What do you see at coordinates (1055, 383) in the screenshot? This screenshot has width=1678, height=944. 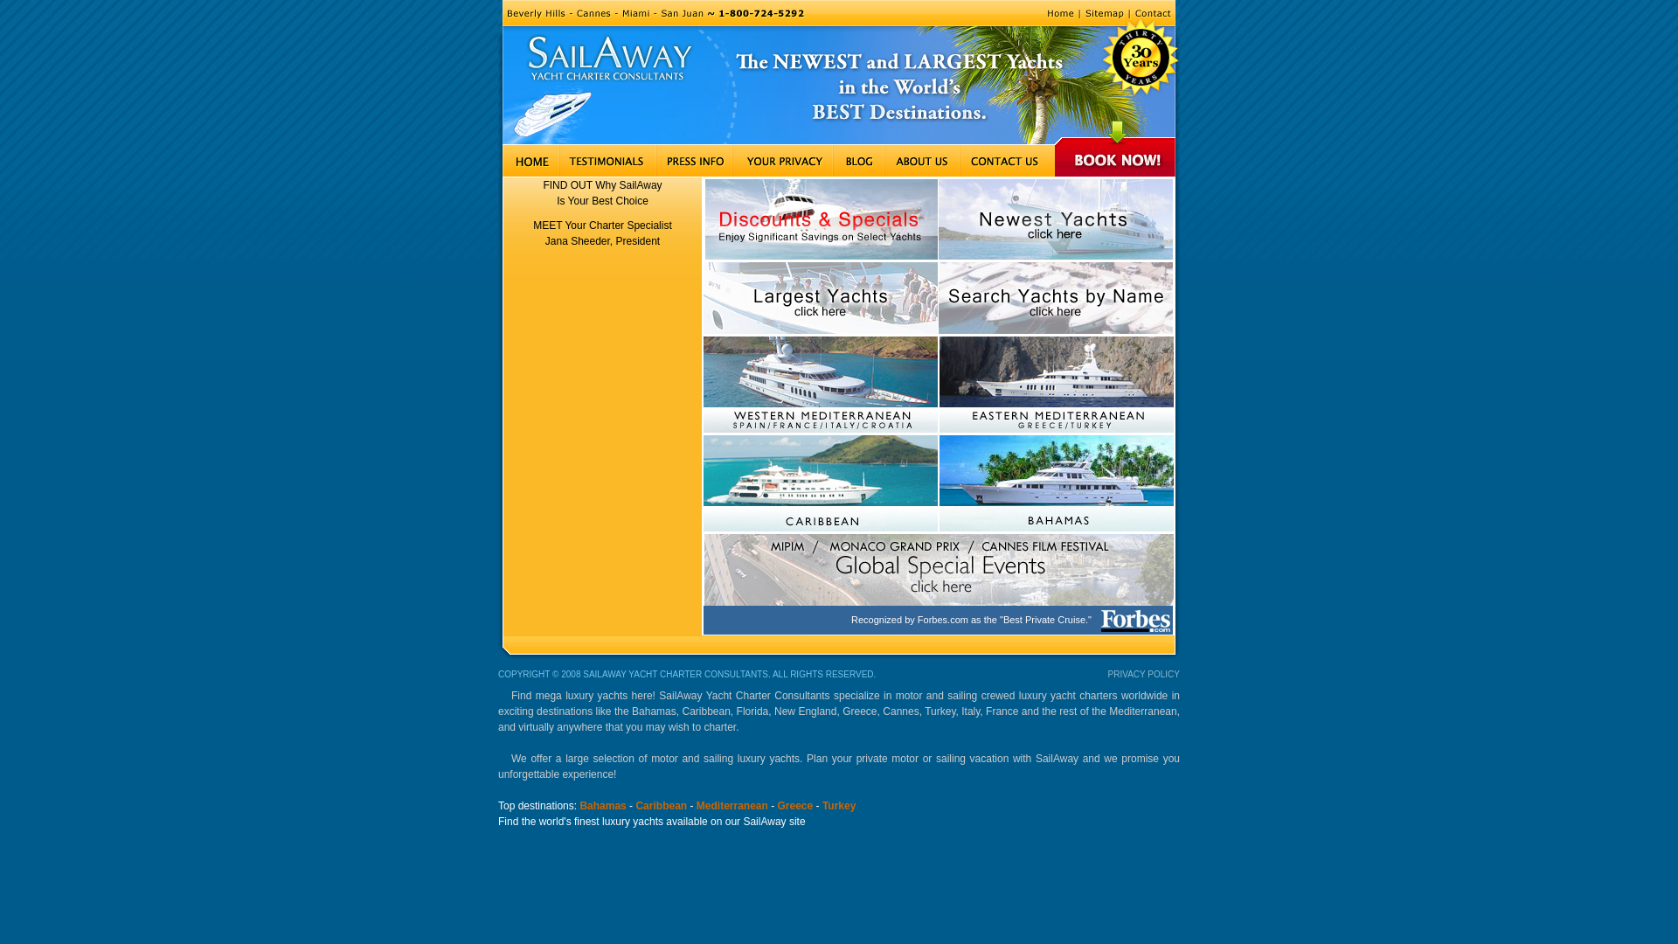 I see `'Eastern Mediterranean'` at bounding box center [1055, 383].